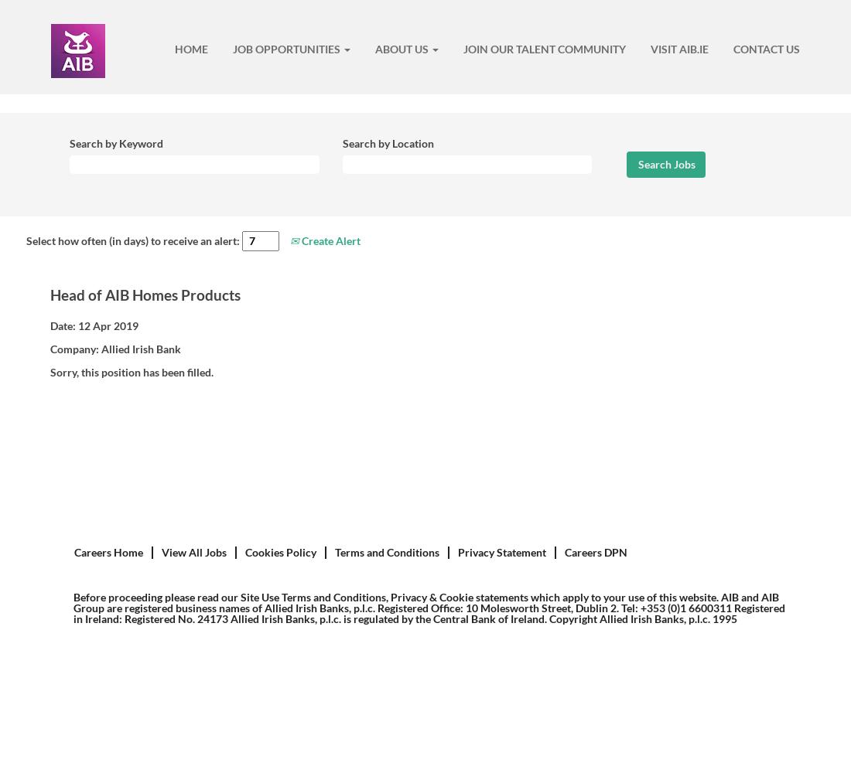 This screenshot has height=773, width=851. Describe the element at coordinates (387, 551) in the screenshot. I see `'Terms and Conditions'` at that location.